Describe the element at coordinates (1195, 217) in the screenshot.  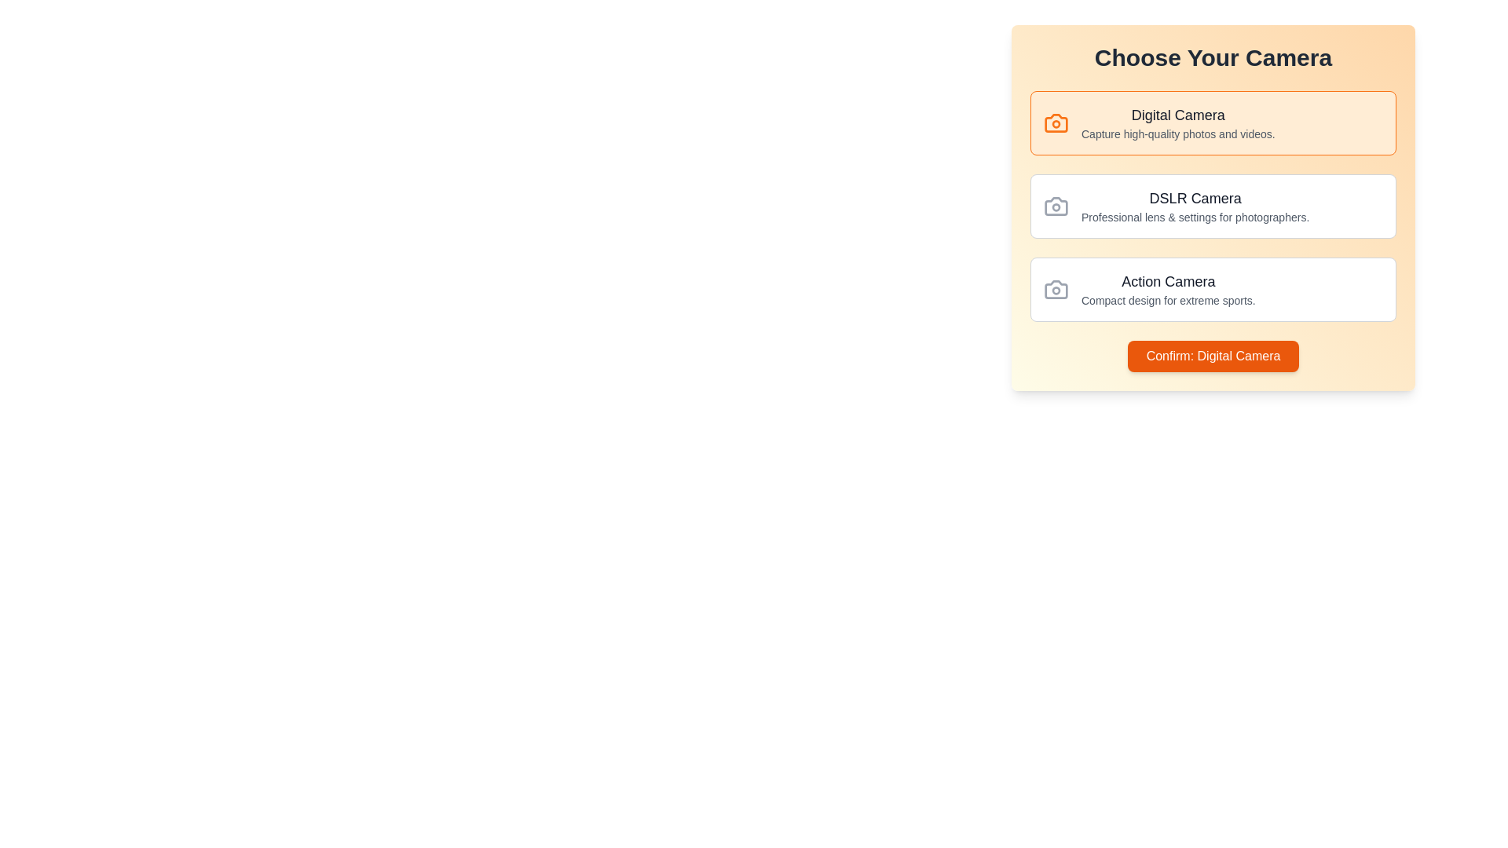
I see `the descriptive text 'Professional lens & settings for photographers.' located below the 'DSLR Camera' title` at that location.